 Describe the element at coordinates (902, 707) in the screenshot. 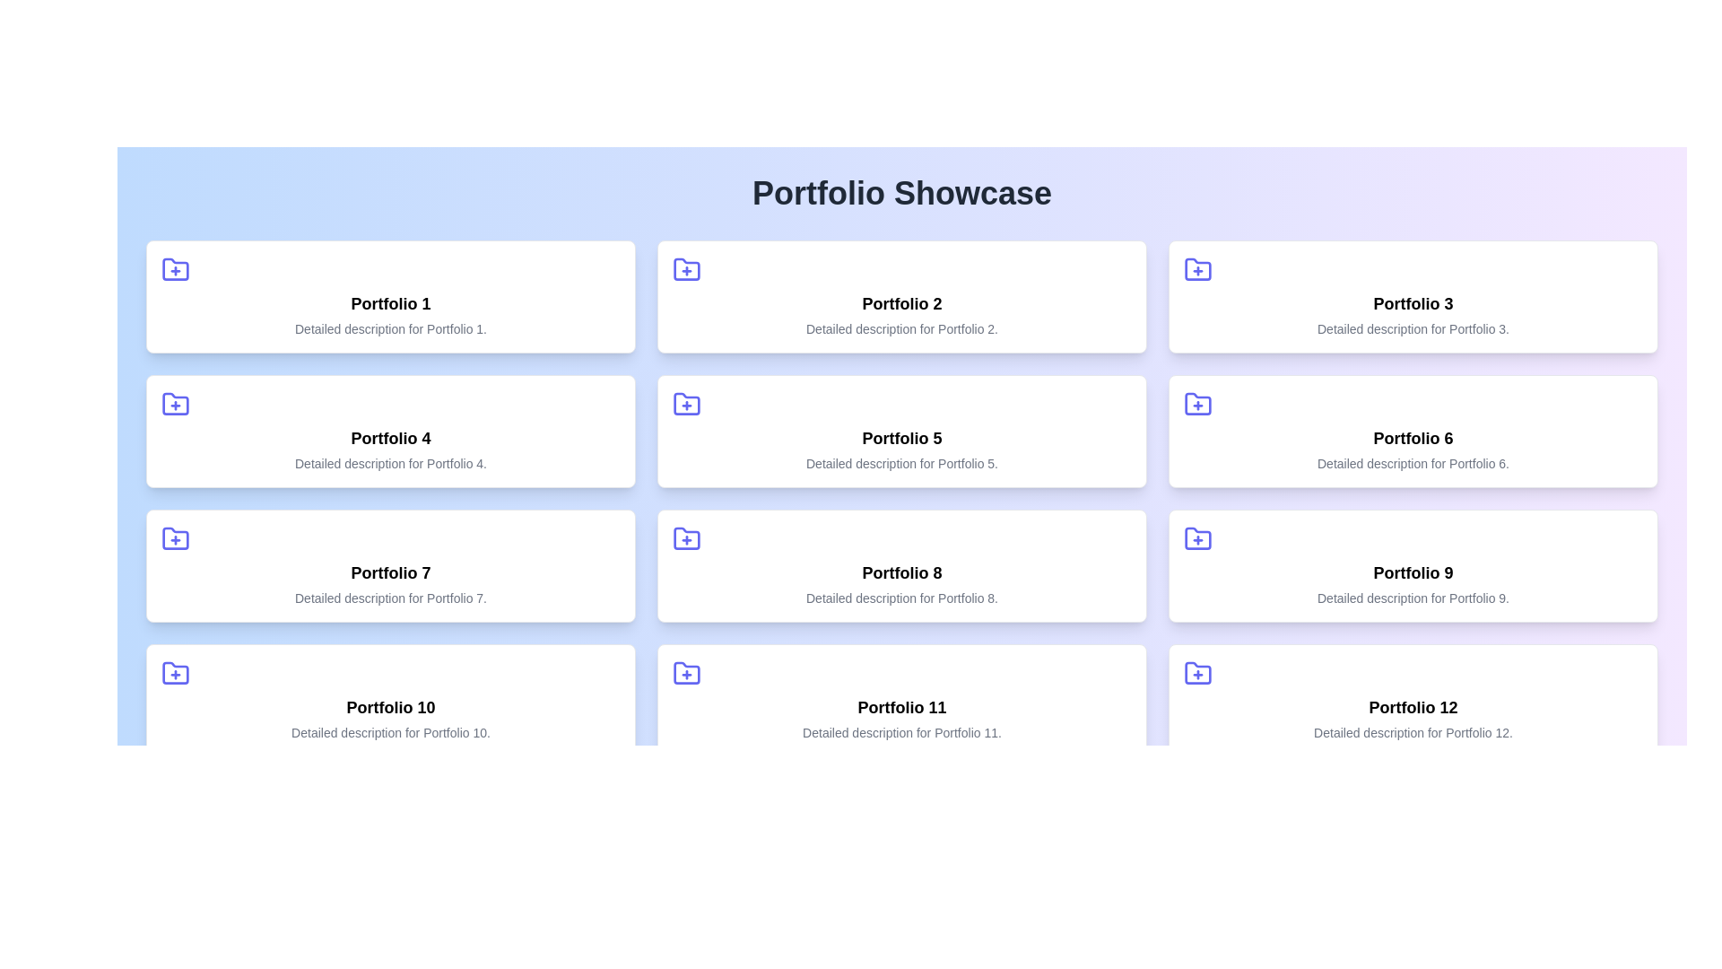

I see `the label displaying the title of the eleventh portfolio item in the grid, which is located inside the eleventh portfolio card, above the detailed description text` at that location.